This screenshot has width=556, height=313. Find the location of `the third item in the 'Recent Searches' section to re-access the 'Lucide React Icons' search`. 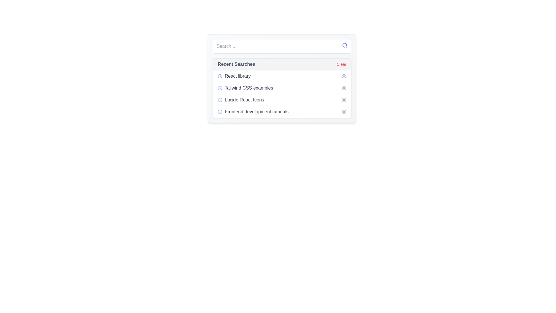

the third item in the 'Recent Searches' section to re-access the 'Lucide React Icons' search is located at coordinates (282, 99).